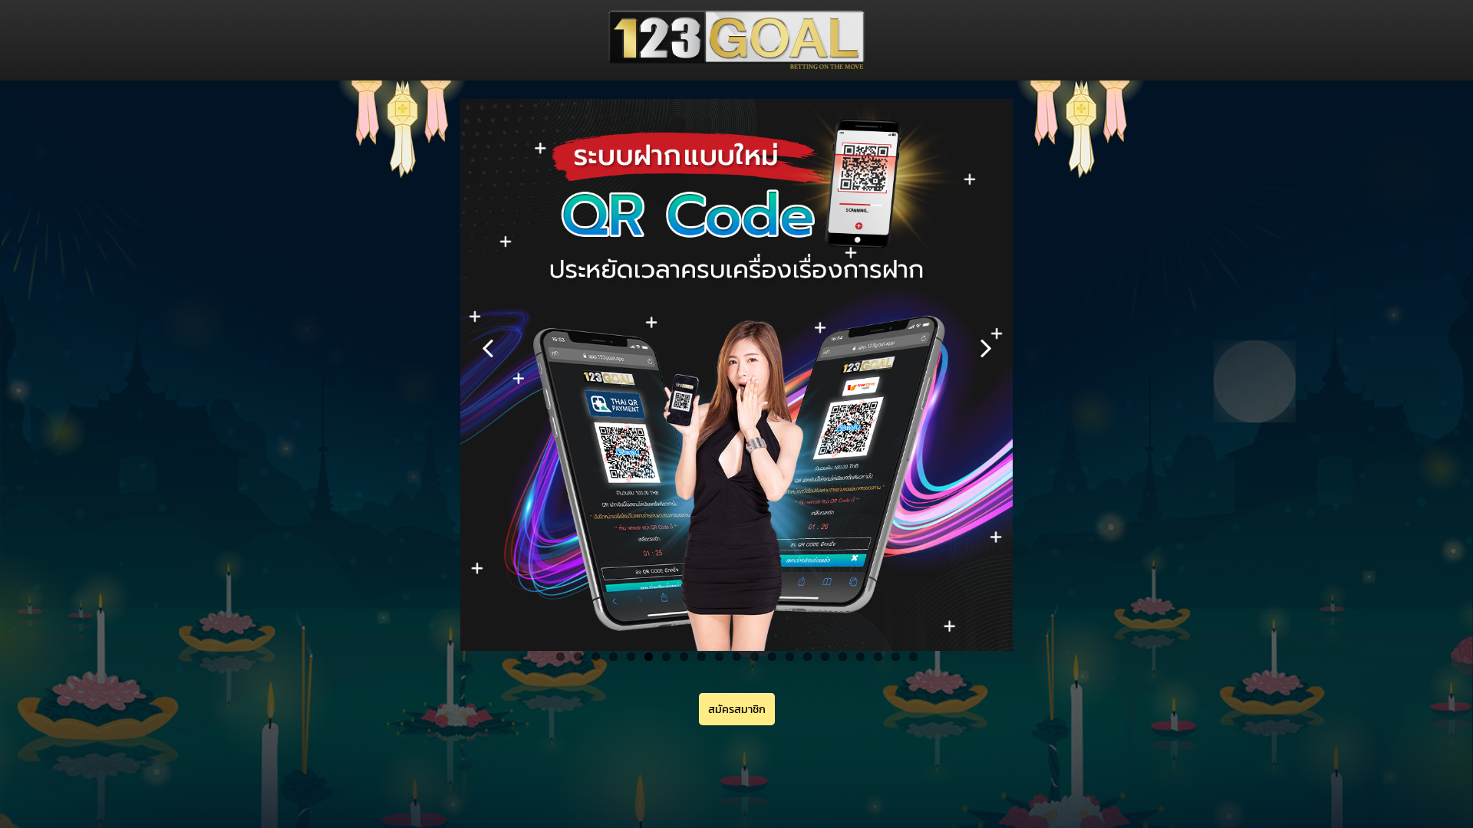  Describe the element at coordinates (486, 347) in the screenshot. I see `'Previous'` at that location.